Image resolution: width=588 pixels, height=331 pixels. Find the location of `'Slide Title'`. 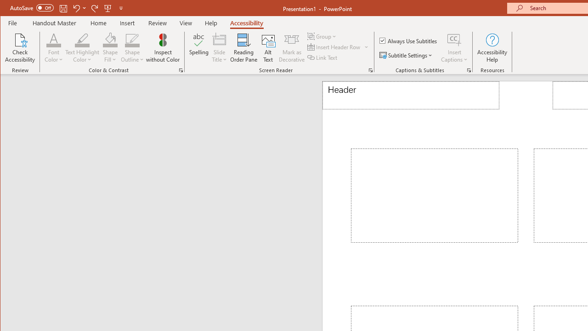

'Slide Title' is located at coordinates (219, 39).